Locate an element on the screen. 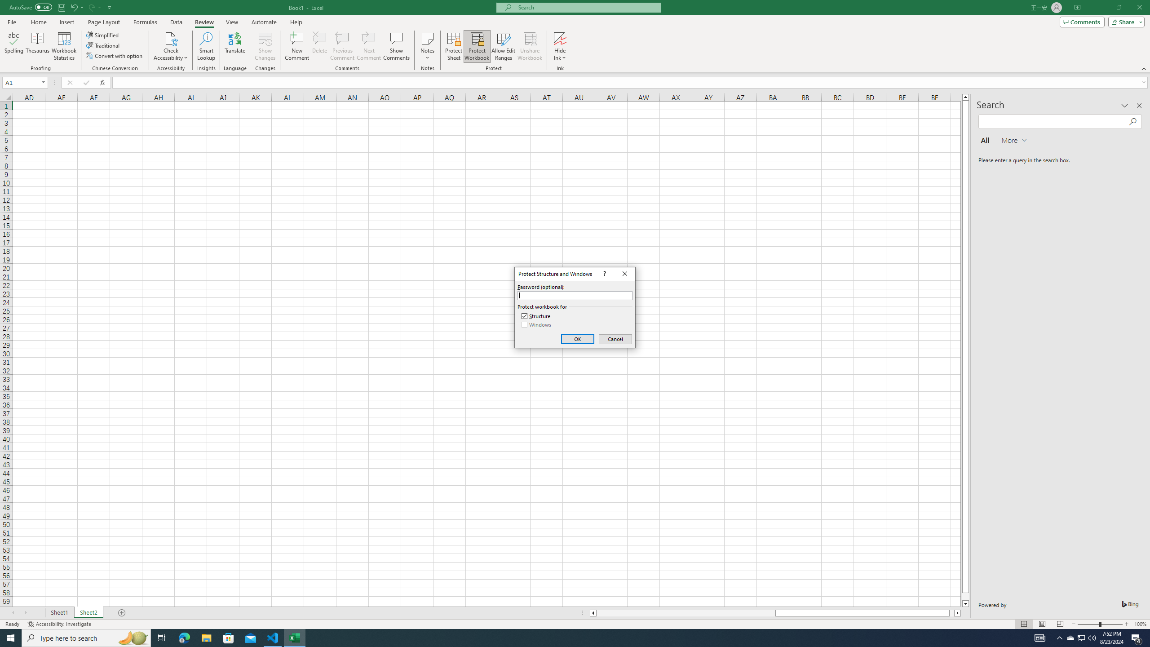  'Check Accessibility' is located at coordinates (170, 46).